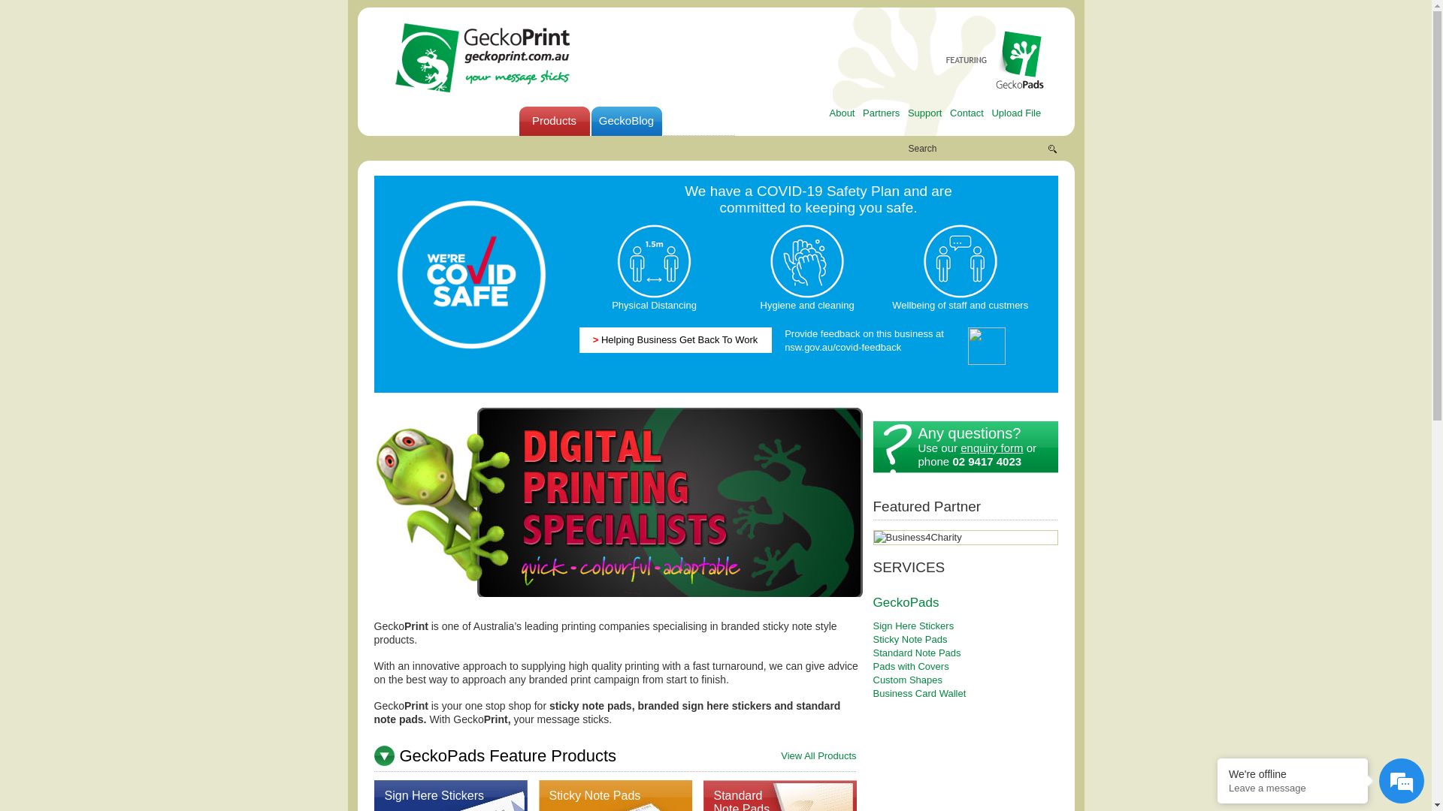  I want to click on 'Contact', so click(967, 112).